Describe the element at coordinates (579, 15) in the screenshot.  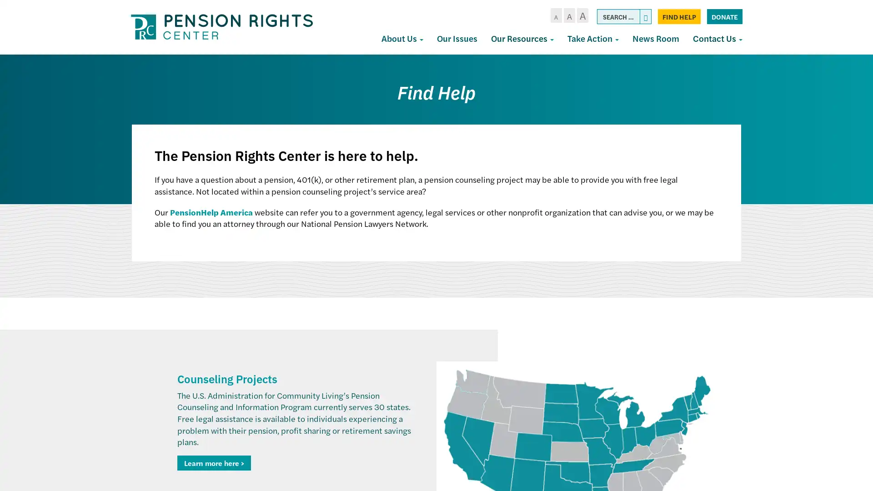
I see `A` at that location.